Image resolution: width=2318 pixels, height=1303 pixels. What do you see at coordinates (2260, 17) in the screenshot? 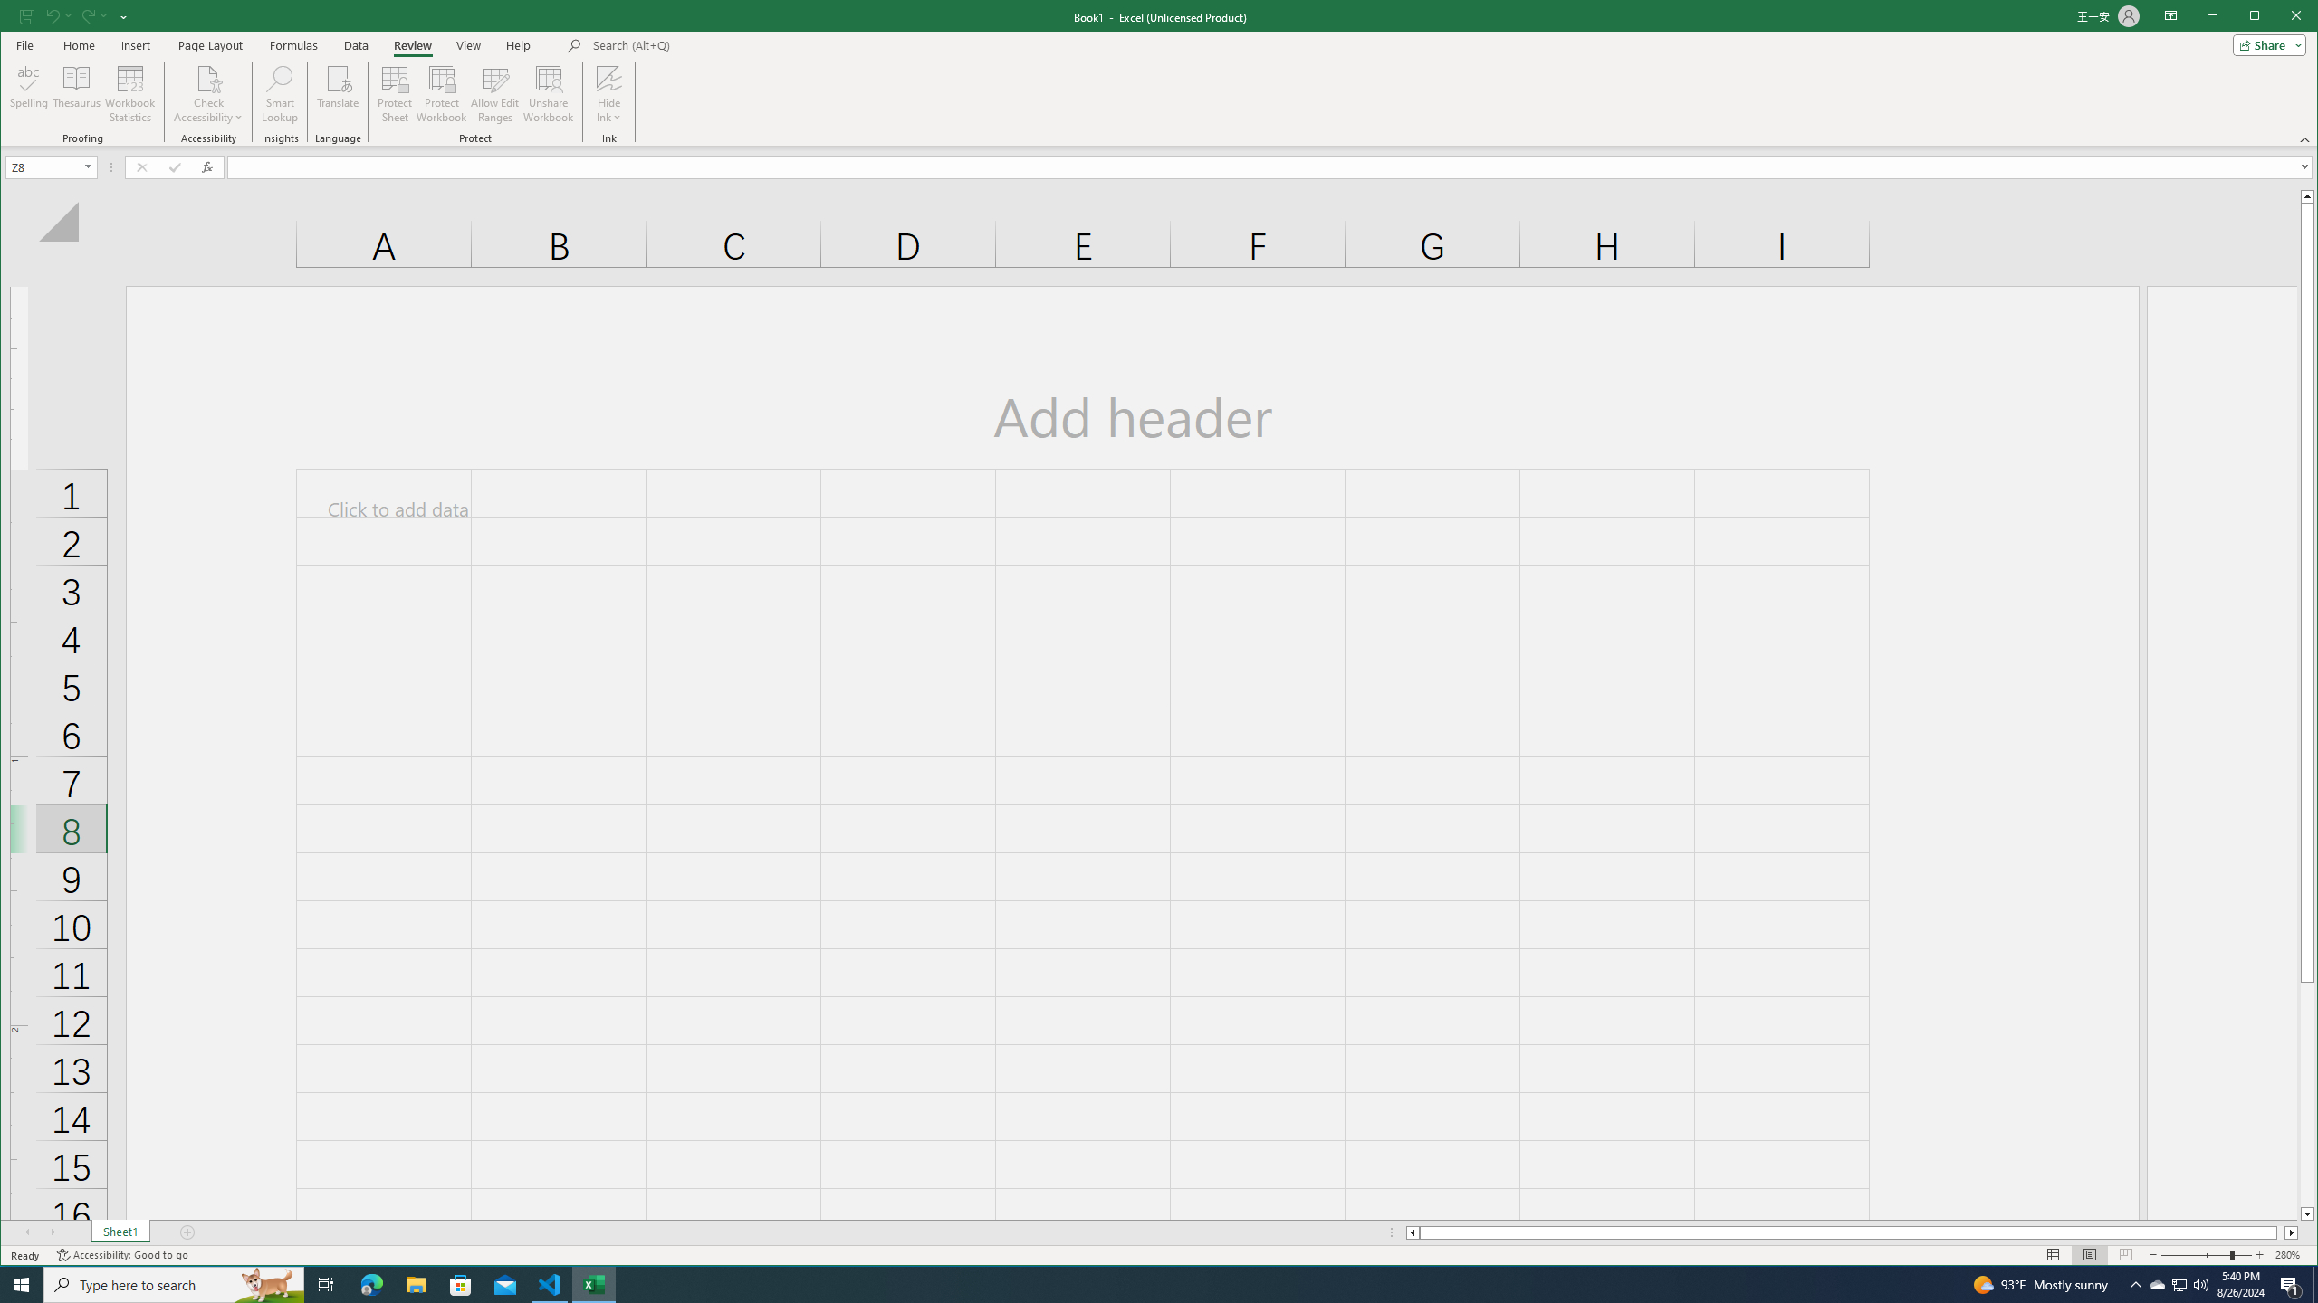
I see `'Minimize'` at bounding box center [2260, 17].